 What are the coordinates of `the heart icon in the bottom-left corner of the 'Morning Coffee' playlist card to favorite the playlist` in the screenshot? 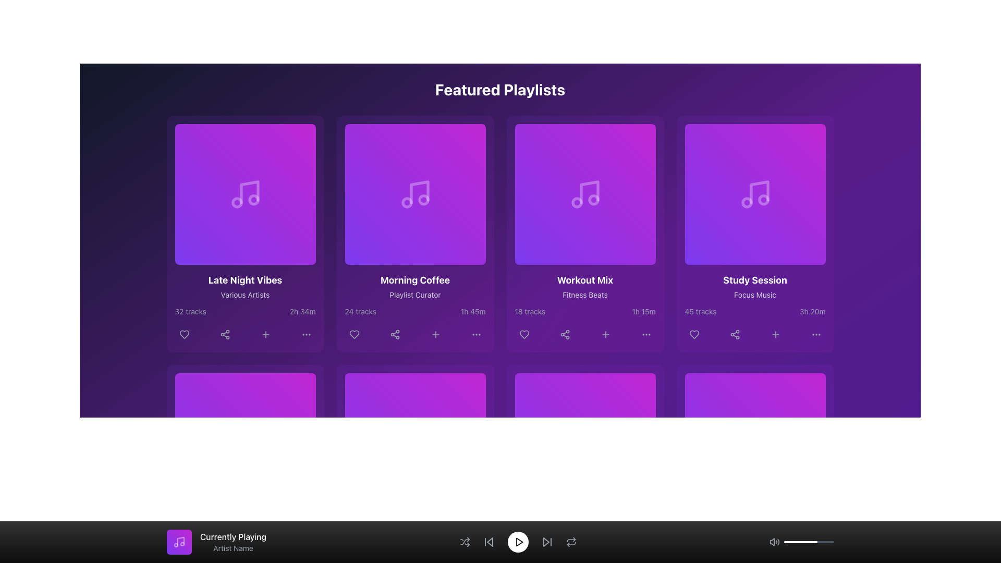 It's located at (354, 334).